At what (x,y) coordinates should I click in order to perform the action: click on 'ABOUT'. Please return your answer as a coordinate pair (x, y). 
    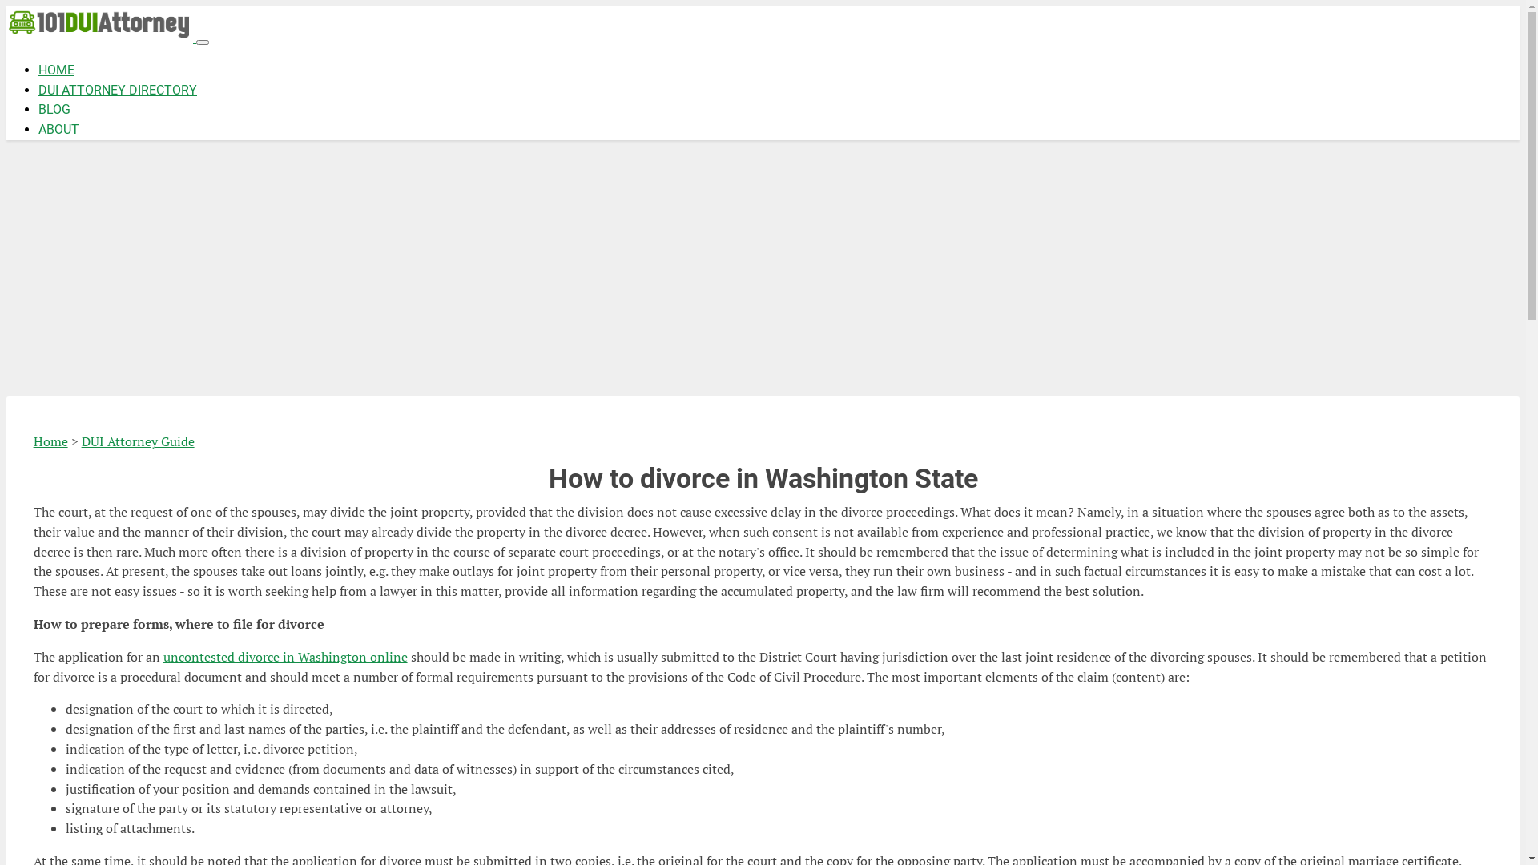
    Looking at the image, I should click on (58, 128).